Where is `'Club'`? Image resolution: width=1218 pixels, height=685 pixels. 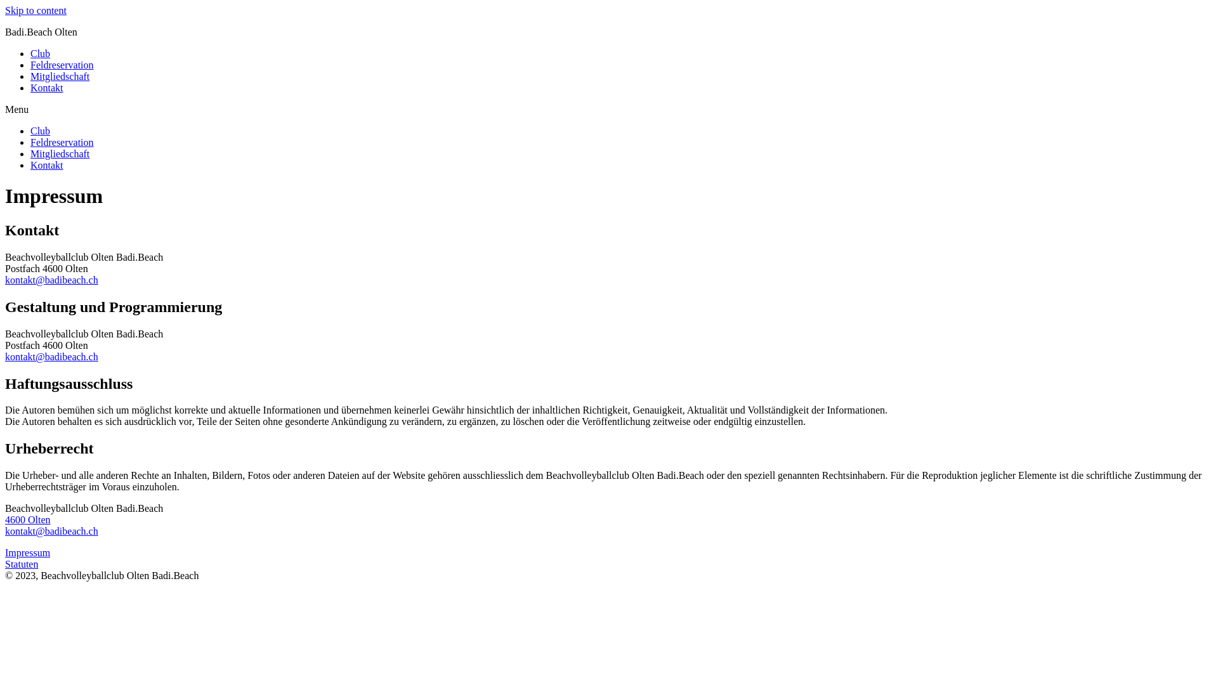
'Club' is located at coordinates (40, 53).